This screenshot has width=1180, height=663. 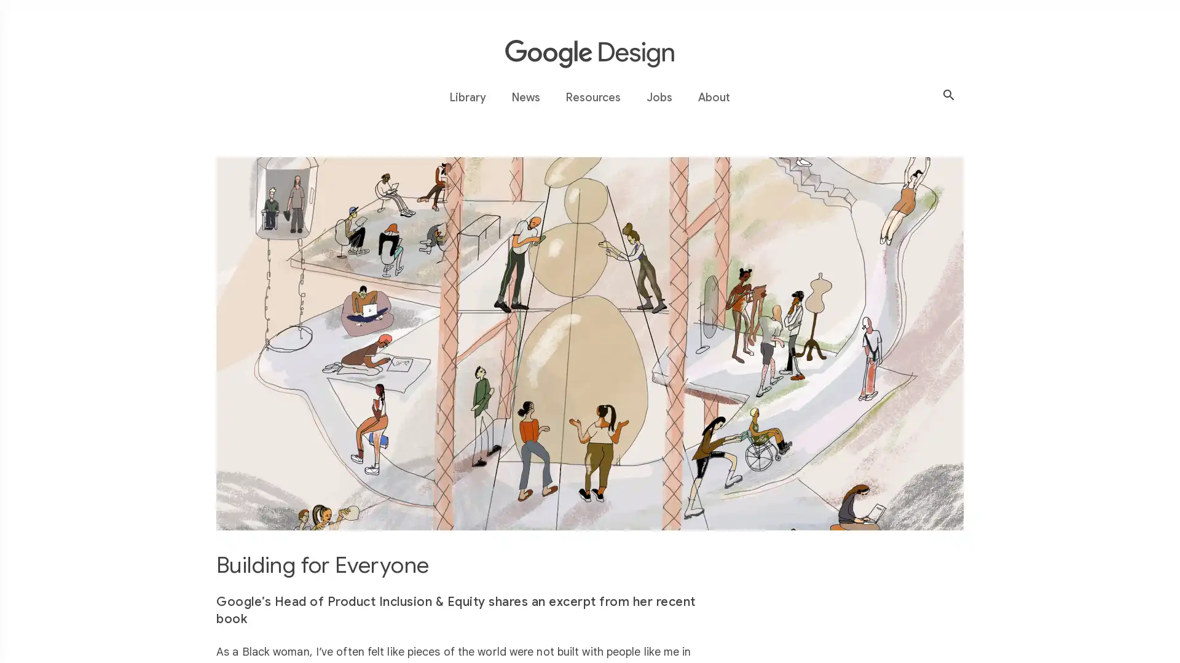 I want to click on search, so click(x=948, y=95).